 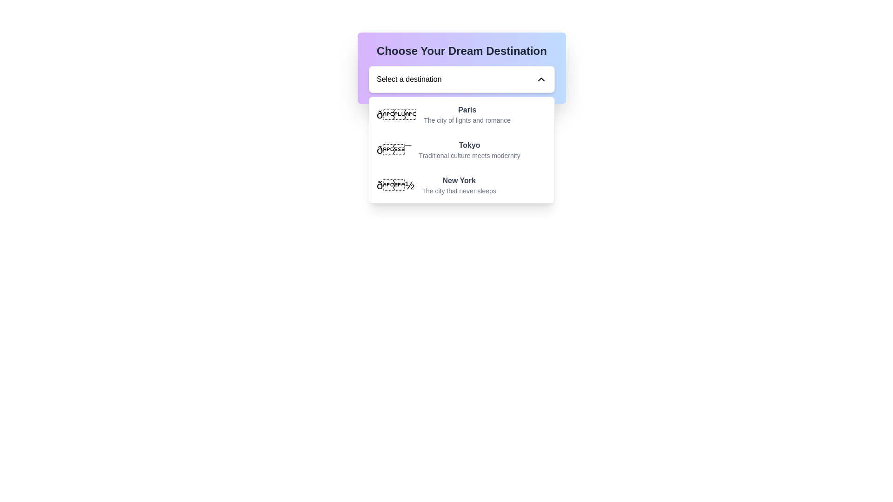 I want to click on the topmost selectable list item in the dropdown menu that features a globe emoji and the bold text 'Paris', highlighting it to indicate selection, so click(x=462, y=114).